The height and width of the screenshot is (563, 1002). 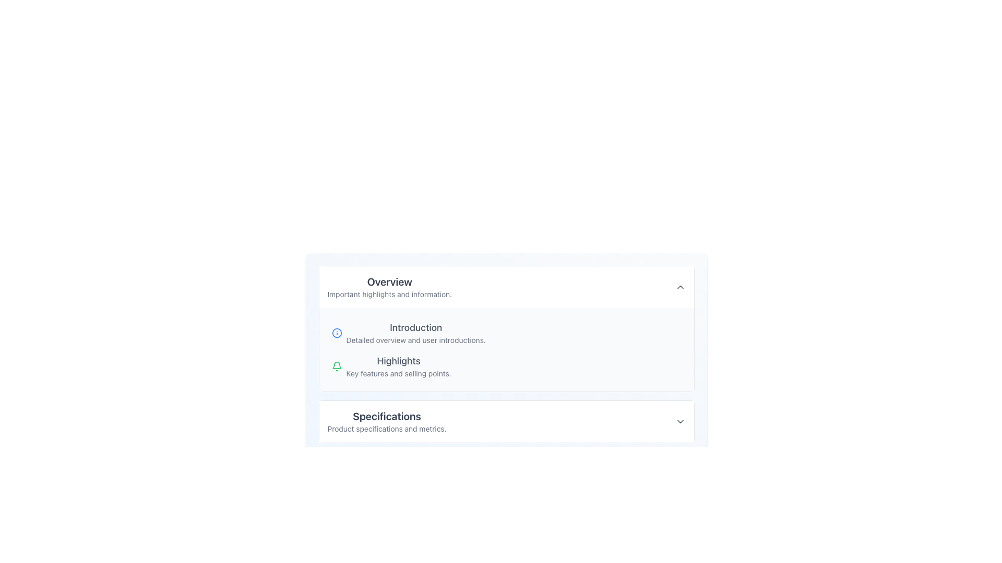 I want to click on displayed text of the Text-based Section Header that describes the 'Introduction' section, which is located above the 'Highlights' section and follows the blue 'i' icon, so click(x=415, y=333).